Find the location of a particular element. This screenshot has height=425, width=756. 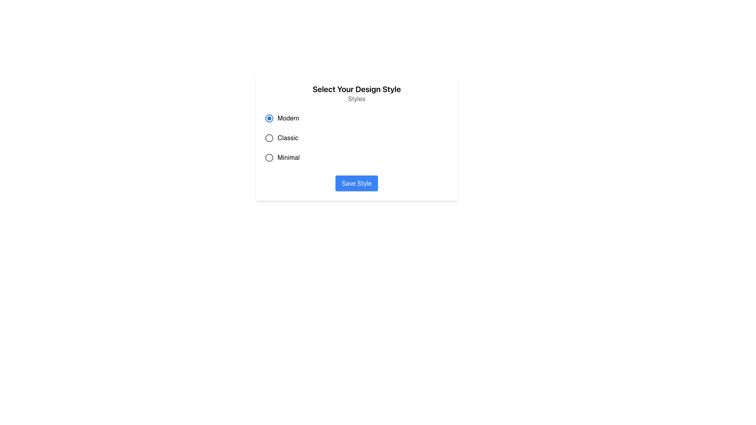

the text label displaying 'Modern', which is aligned to the right of the radio button in a vertical stack of options is located at coordinates (288, 118).